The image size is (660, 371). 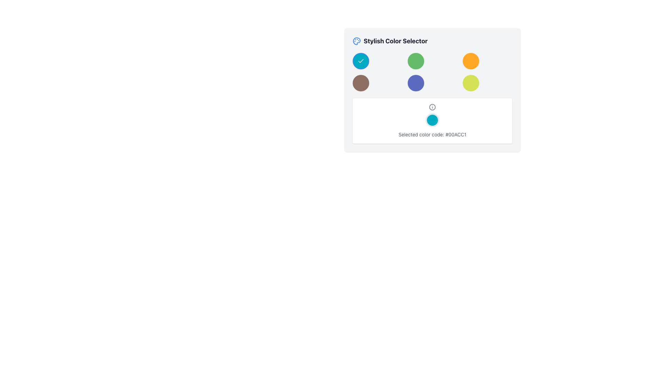 What do you see at coordinates (356, 41) in the screenshot?
I see `the circular color palette icon located in the header of the window adjacent to 'Stylish Color Selector'` at bounding box center [356, 41].